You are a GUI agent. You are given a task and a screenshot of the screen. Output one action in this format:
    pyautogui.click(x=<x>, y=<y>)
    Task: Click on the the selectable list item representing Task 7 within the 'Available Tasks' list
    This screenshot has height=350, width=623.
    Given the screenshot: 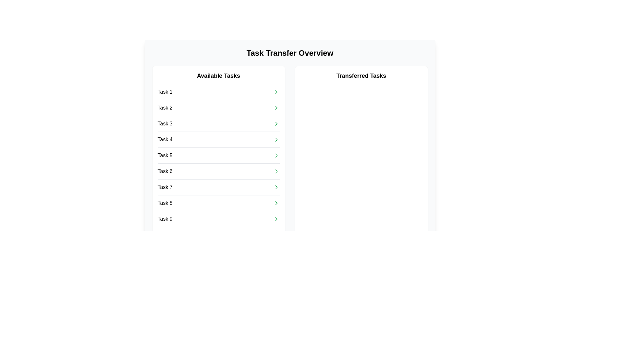 What is the action you would take?
    pyautogui.click(x=218, y=187)
    